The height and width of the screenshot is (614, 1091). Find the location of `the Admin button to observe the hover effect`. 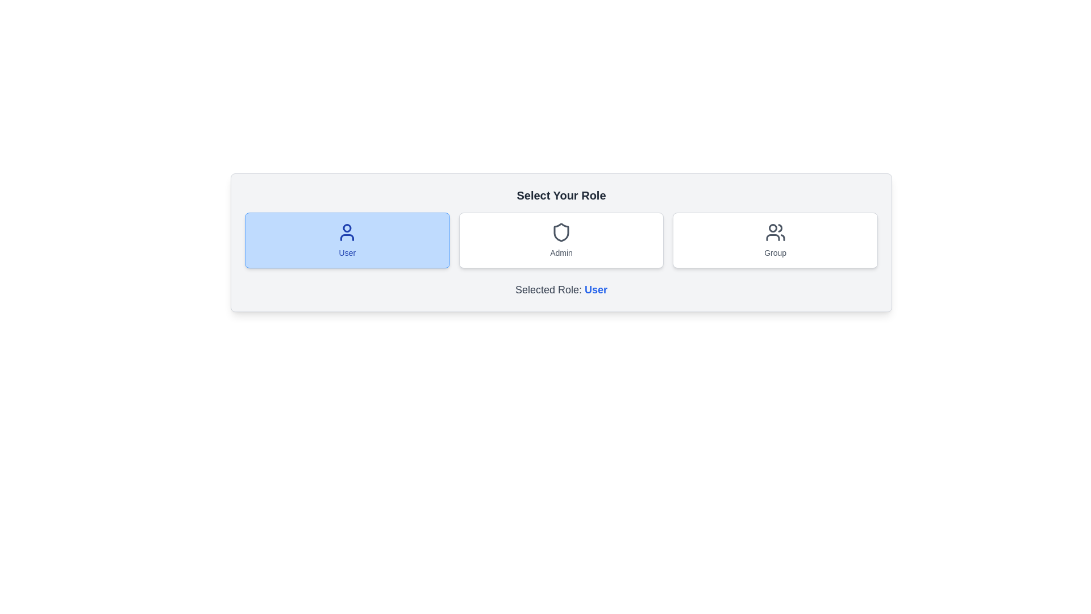

the Admin button to observe the hover effect is located at coordinates (561, 240).